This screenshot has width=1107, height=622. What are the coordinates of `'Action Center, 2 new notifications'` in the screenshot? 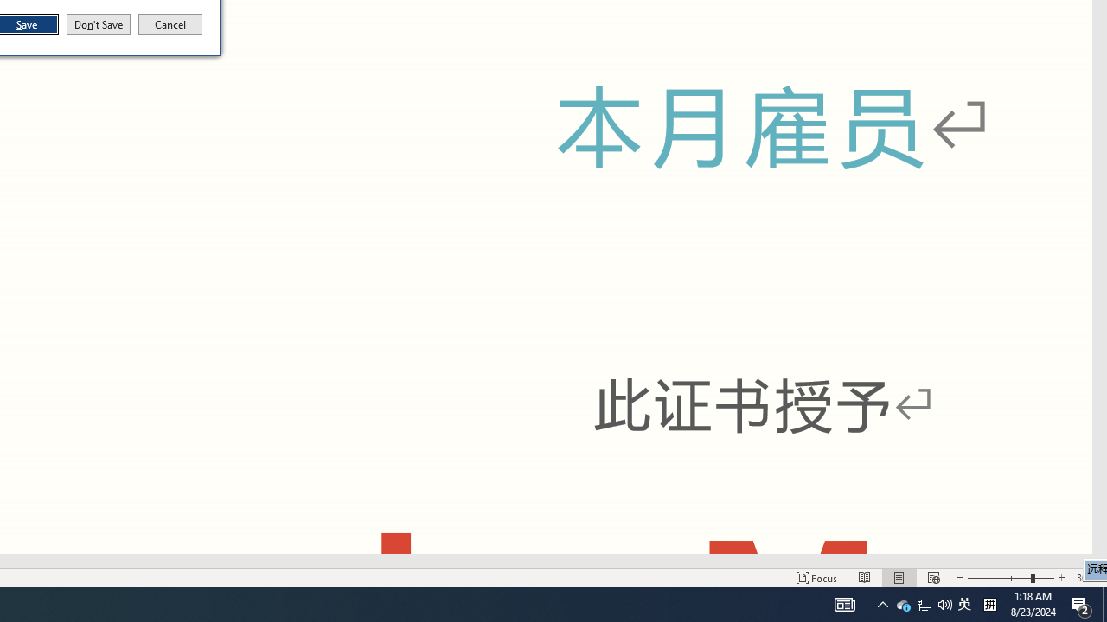 It's located at (1081, 603).